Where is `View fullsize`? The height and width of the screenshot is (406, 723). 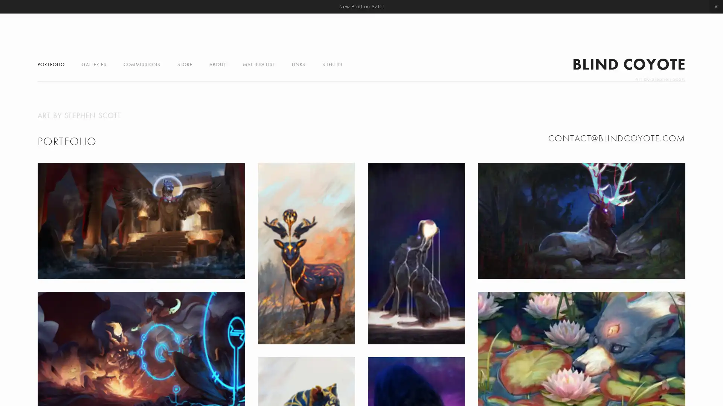 View fullsize is located at coordinates (141, 220).